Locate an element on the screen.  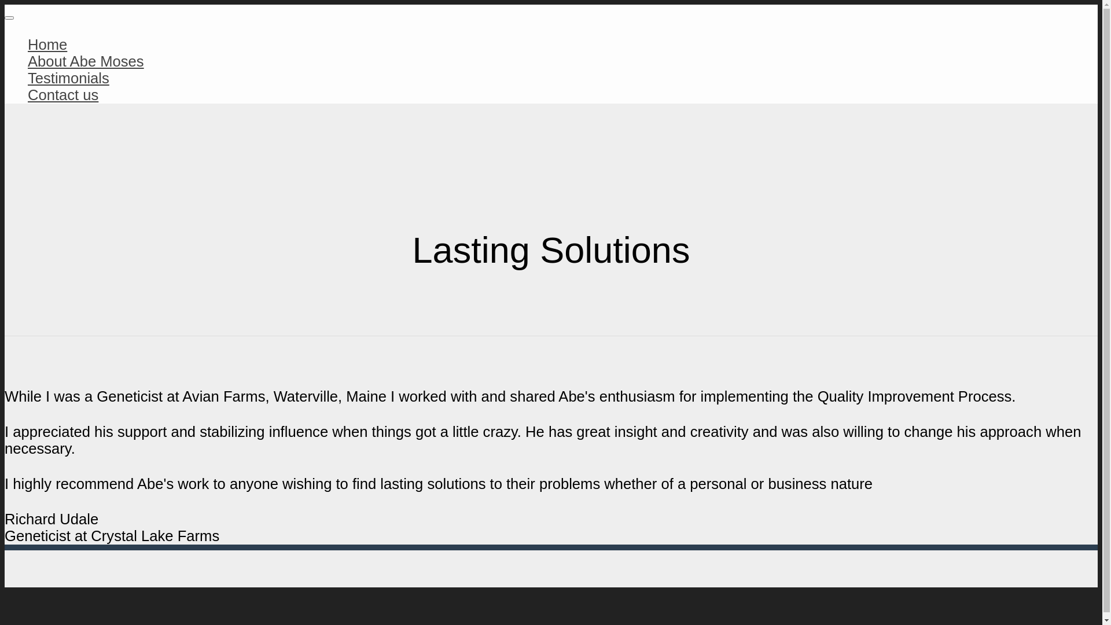
'Contact us' is located at coordinates (62, 94).